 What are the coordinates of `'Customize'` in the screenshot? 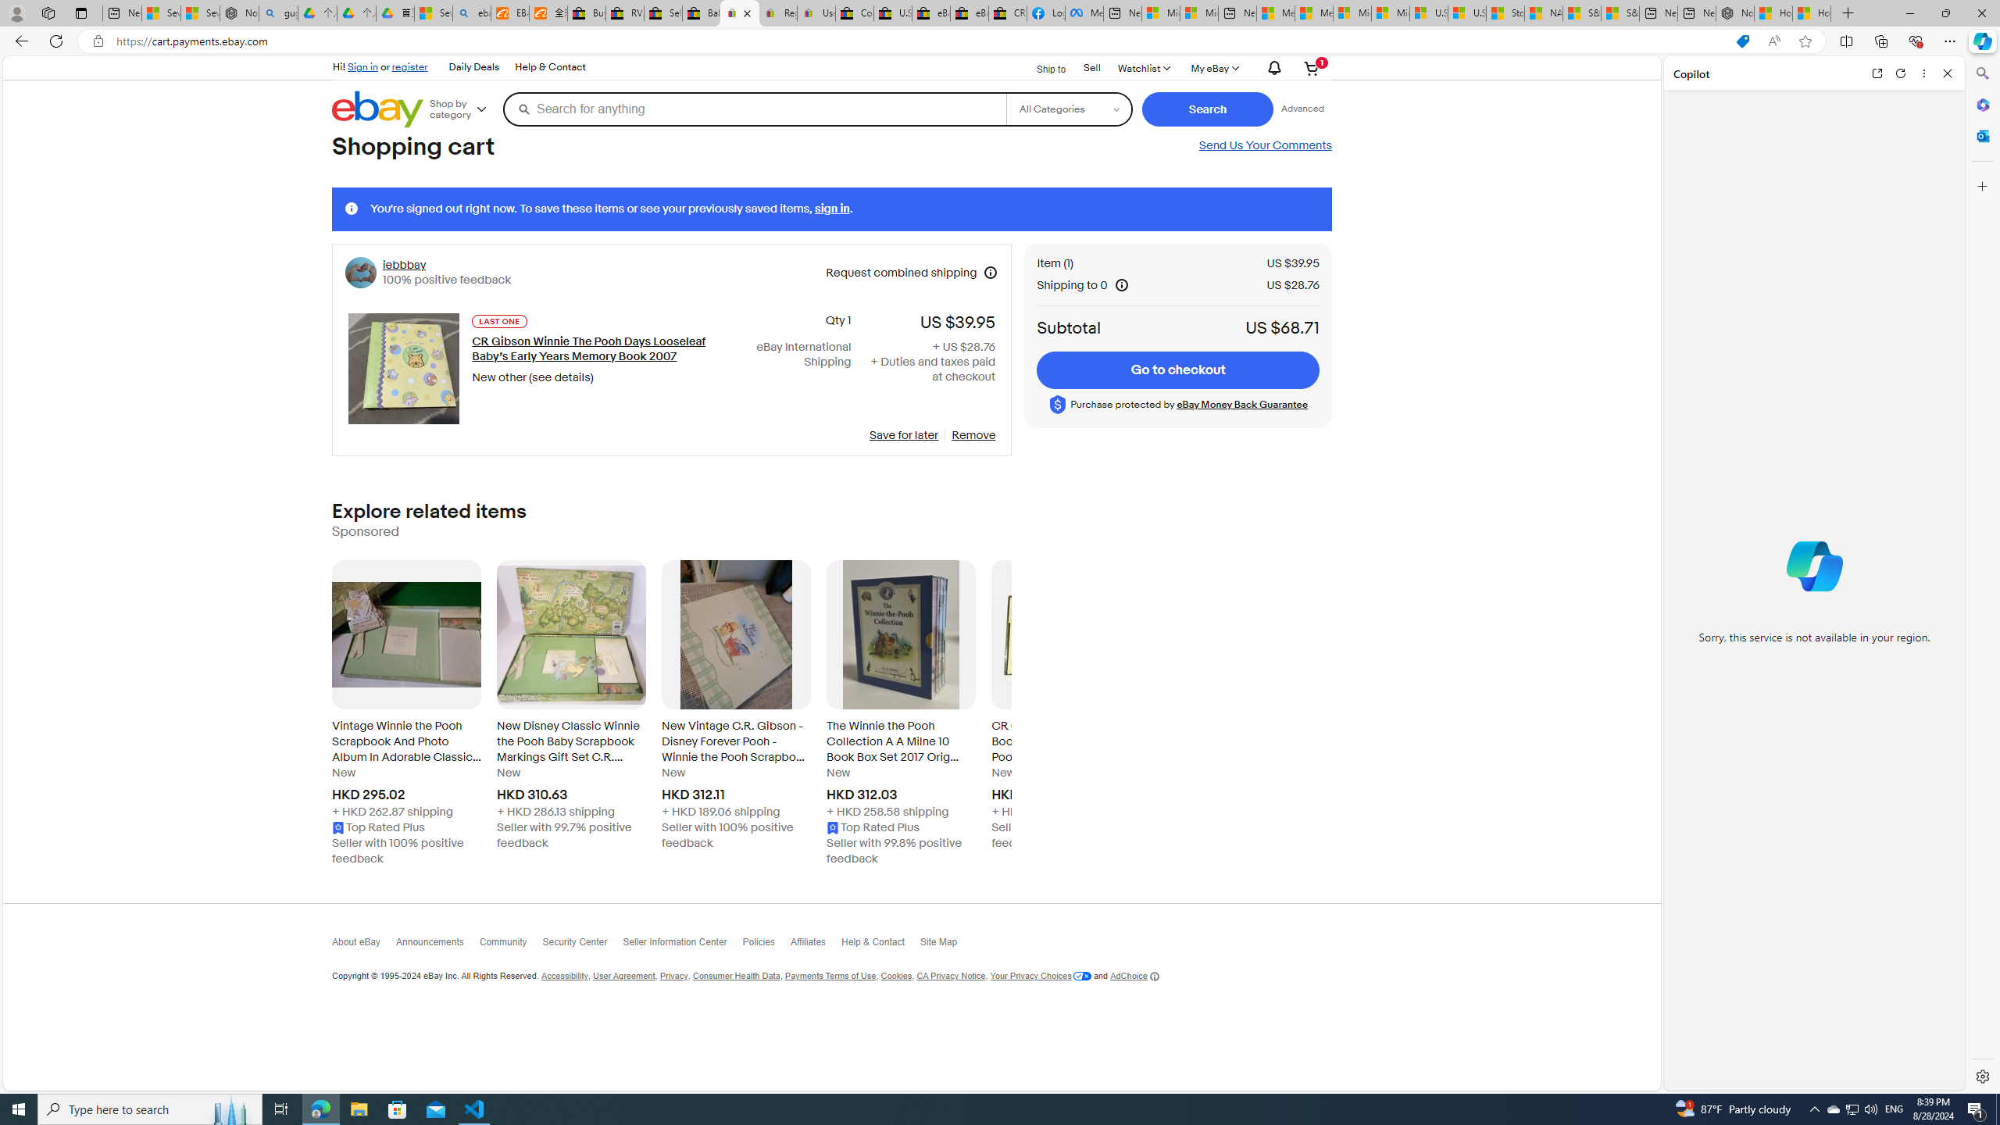 It's located at (1980, 185).